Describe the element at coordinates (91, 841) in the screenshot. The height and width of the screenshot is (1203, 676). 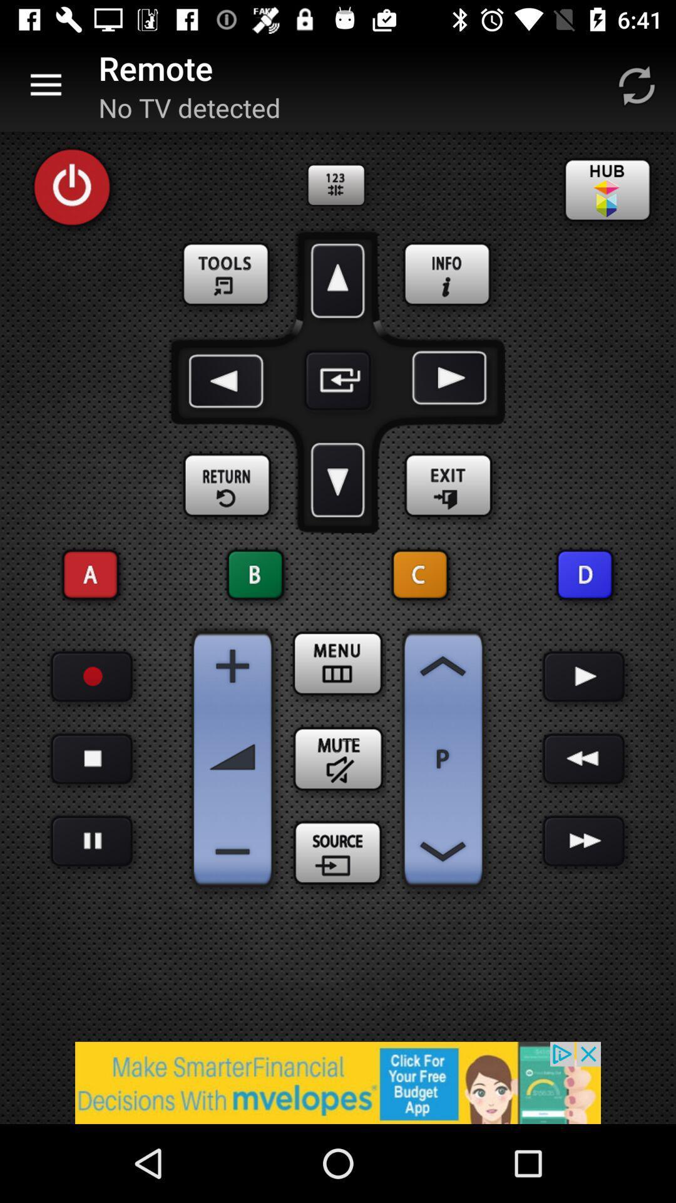
I see `play patturn` at that location.